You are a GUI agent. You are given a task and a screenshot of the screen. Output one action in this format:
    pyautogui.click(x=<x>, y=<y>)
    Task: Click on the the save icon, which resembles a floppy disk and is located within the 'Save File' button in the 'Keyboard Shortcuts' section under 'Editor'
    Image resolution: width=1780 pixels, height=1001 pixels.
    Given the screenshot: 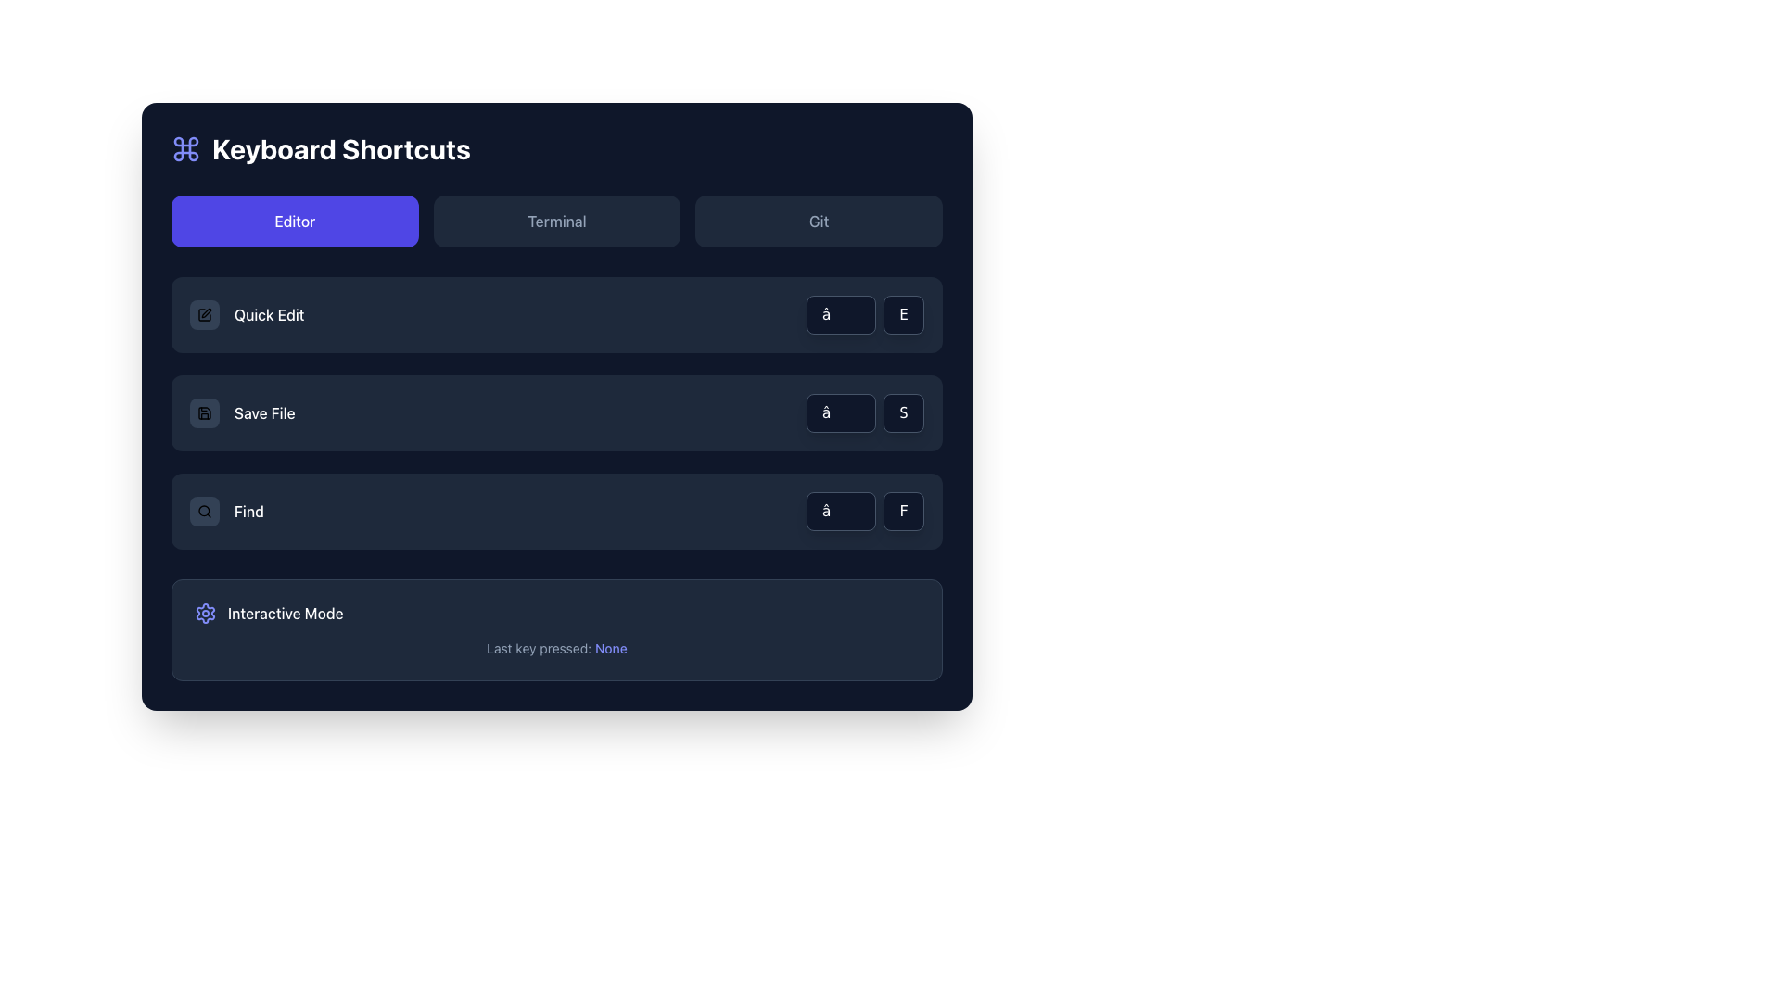 What is the action you would take?
    pyautogui.click(x=204, y=412)
    